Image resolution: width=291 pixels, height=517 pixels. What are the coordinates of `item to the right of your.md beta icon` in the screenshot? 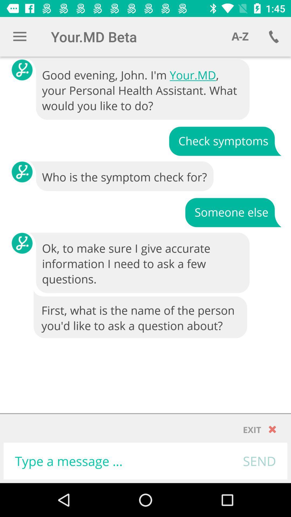 It's located at (240, 36).